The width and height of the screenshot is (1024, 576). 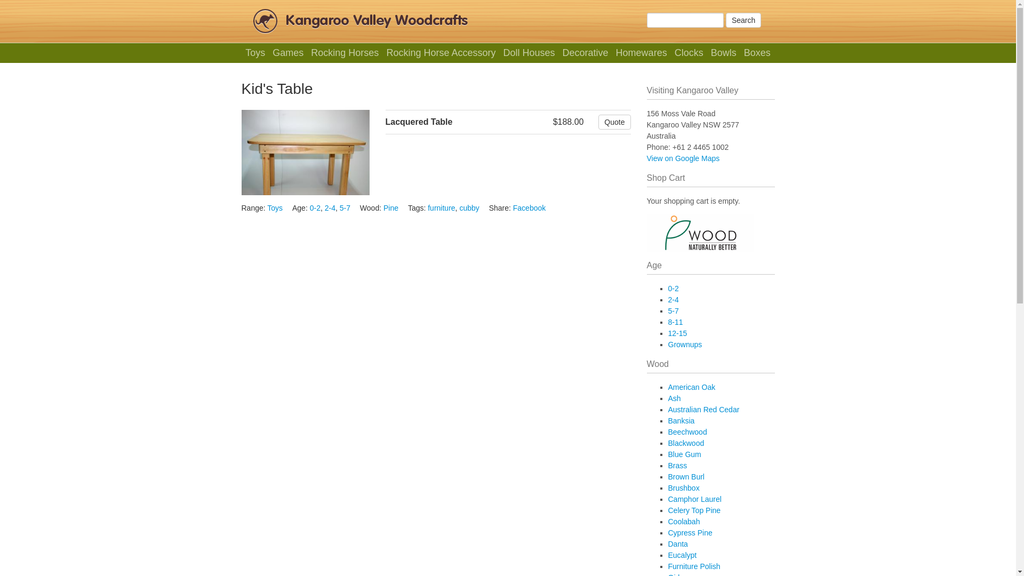 What do you see at coordinates (684, 454) in the screenshot?
I see `'Blue Gum'` at bounding box center [684, 454].